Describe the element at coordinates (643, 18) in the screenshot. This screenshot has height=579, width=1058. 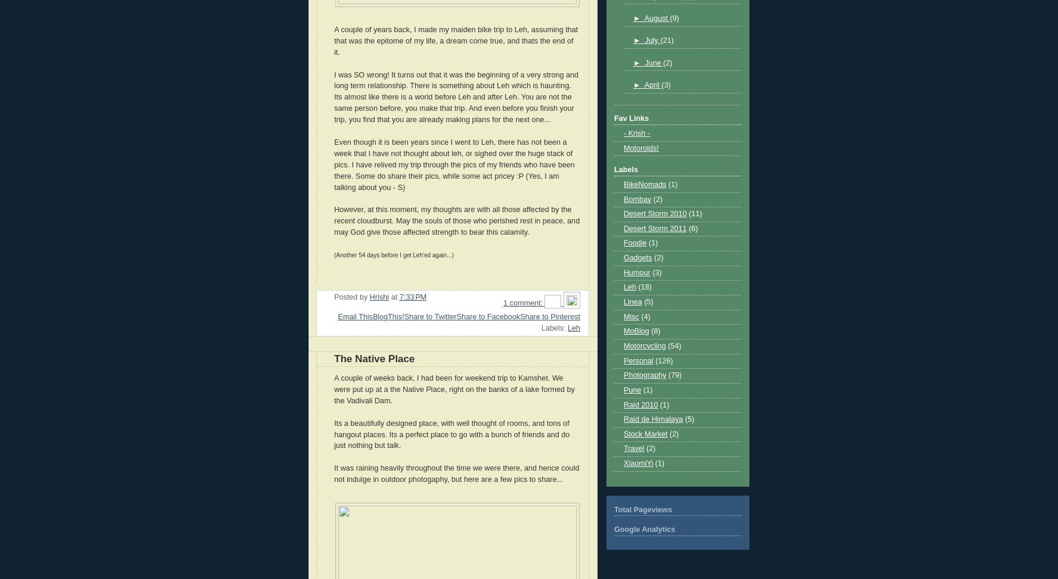
I see `'August'` at that location.